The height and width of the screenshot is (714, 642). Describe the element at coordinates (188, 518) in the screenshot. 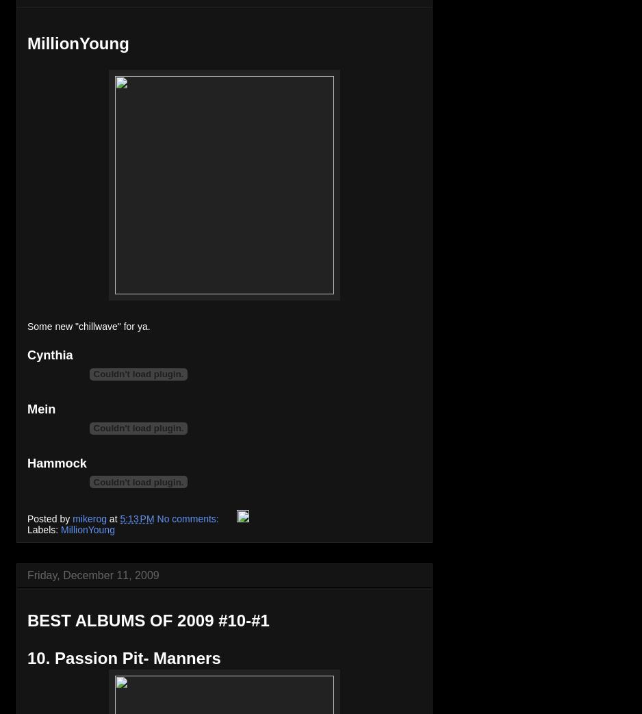

I see `'No comments:'` at that location.